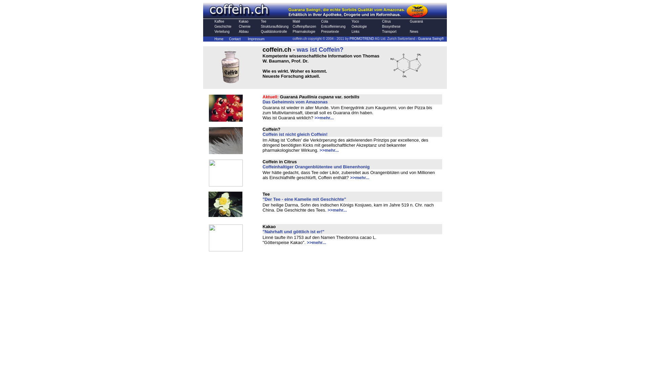 The width and height of the screenshot is (650, 365). What do you see at coordinates (304, 196) in the screenshot?
I see `'Tee` at bounding box center [304, 196].